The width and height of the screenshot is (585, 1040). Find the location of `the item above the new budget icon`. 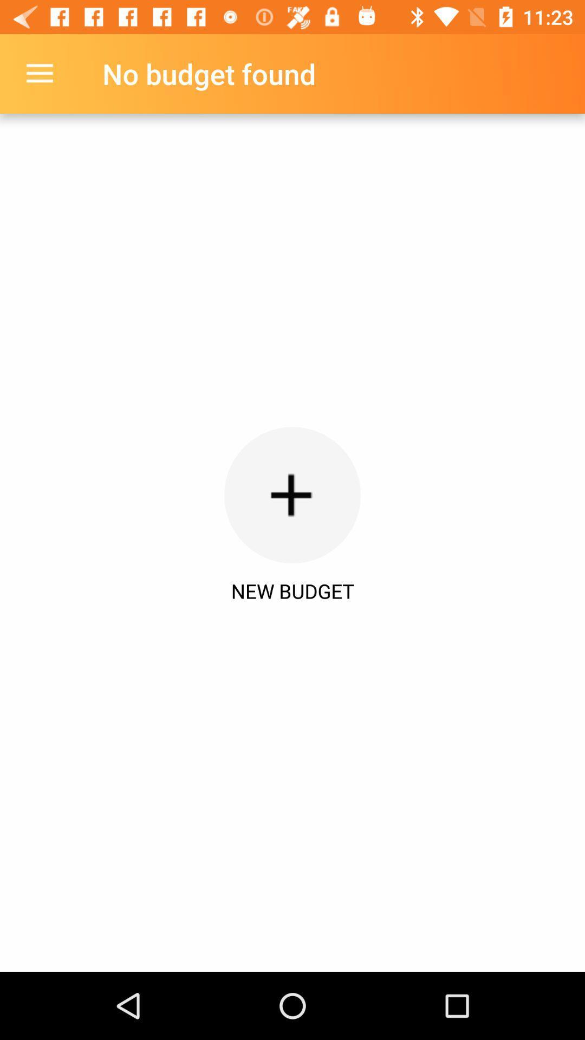

the item above the new budget icon is located at coordinates (292, 495).